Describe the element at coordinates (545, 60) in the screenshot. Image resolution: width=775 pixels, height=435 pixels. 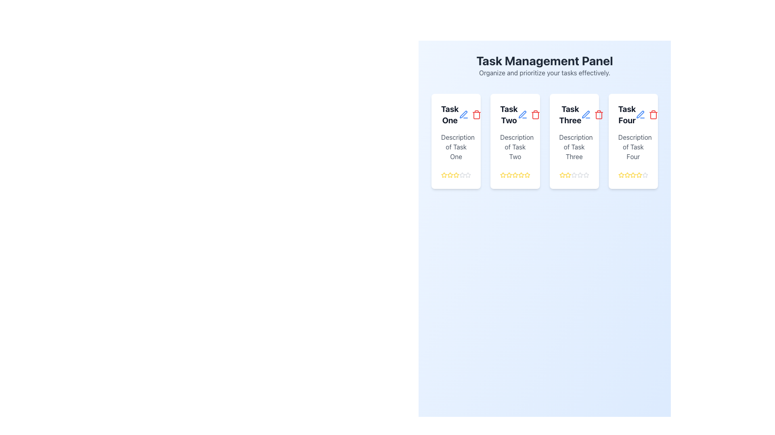
I see `the bold dark gray text heading labeled 'Task Management Panel' located centrally at the top of the page` at that location.